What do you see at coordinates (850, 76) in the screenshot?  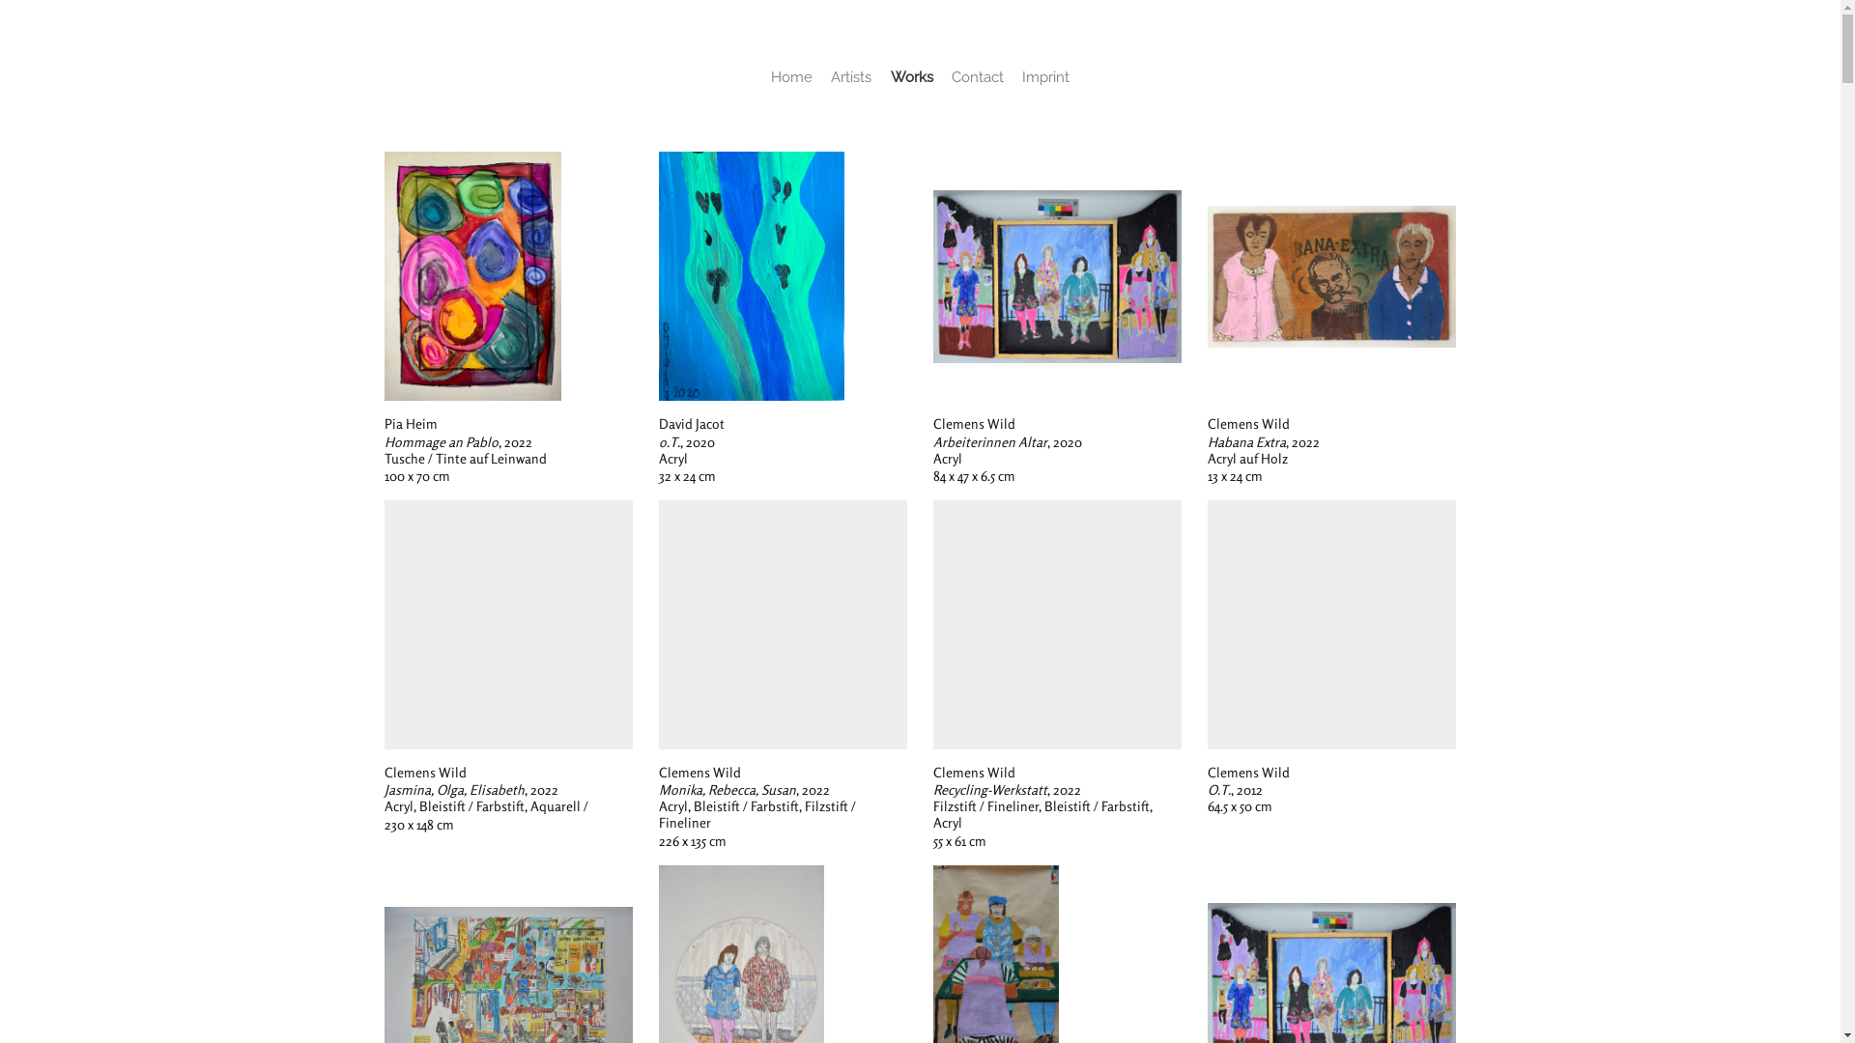 I see `'Artists'` at bounding box center [850, 76].